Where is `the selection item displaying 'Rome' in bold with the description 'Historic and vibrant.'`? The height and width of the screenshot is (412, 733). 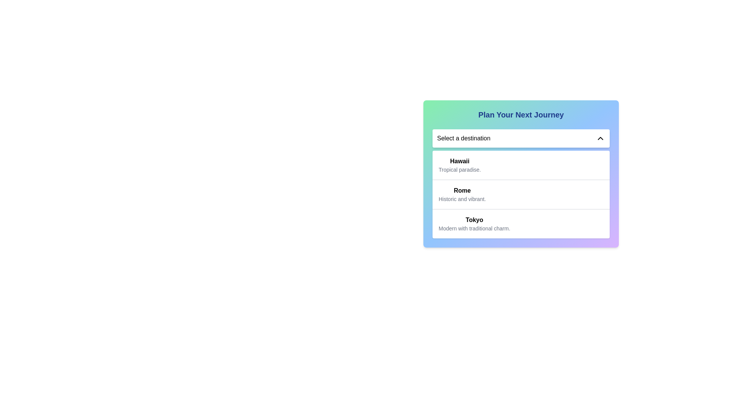 the selection item displaying 'Rome' in bold with the description 'Historic and vibrant.' is located at coordinates (520, 194).